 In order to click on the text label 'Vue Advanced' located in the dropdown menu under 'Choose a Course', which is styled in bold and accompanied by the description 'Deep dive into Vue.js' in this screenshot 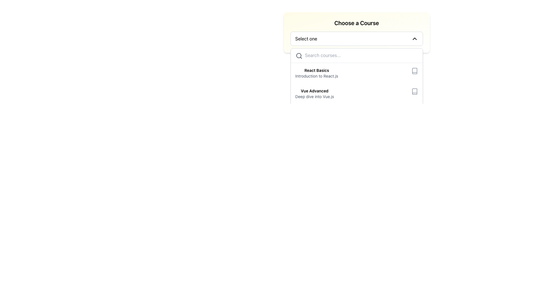, I will do `click(314, 90)`.